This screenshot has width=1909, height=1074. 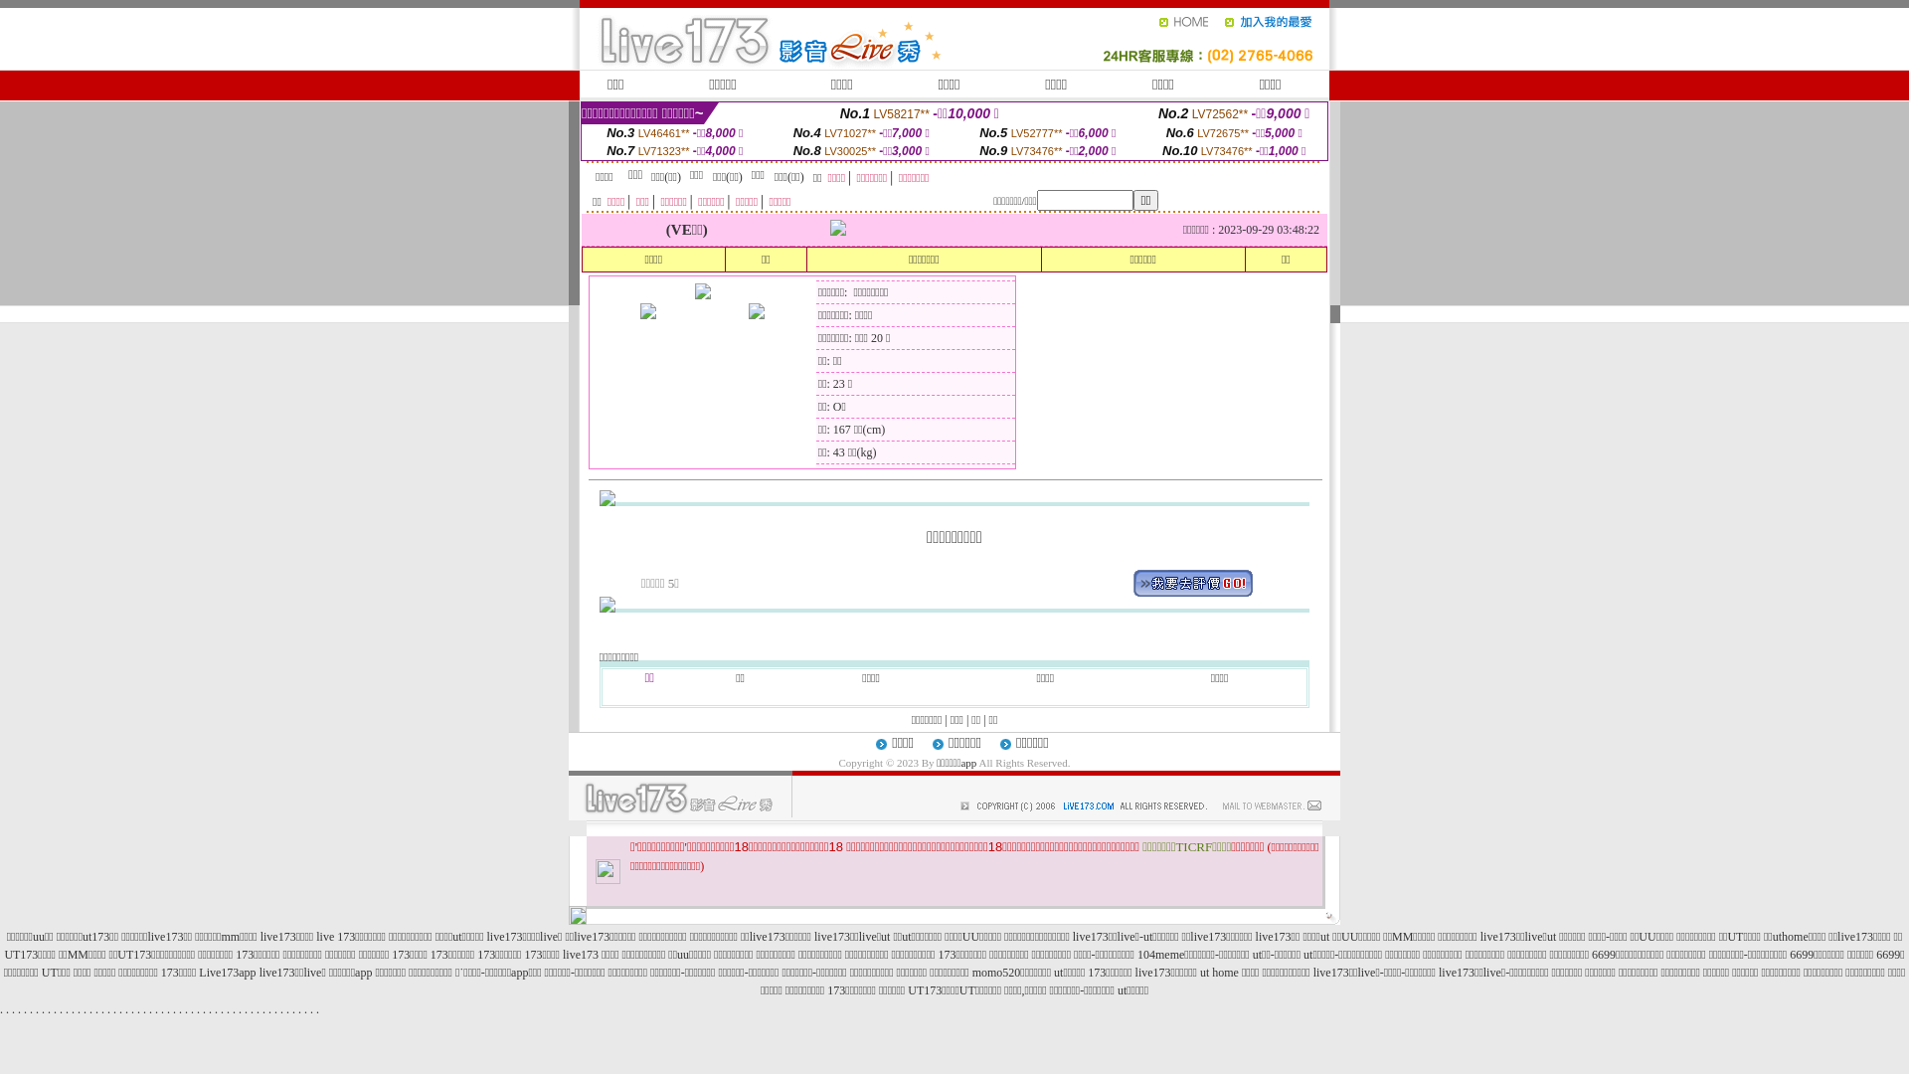 What do you see at coordinates (113, 1008) in the screenshot?
I see `'.'` at bounding box center [113, 1008].